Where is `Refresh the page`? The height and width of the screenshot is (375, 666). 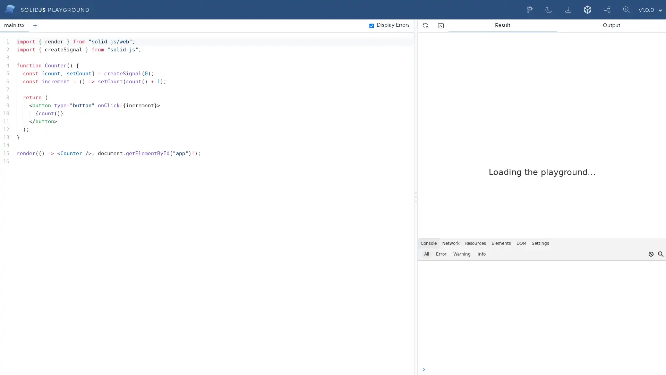
Refresh the page is located at coordinates (425, 25).